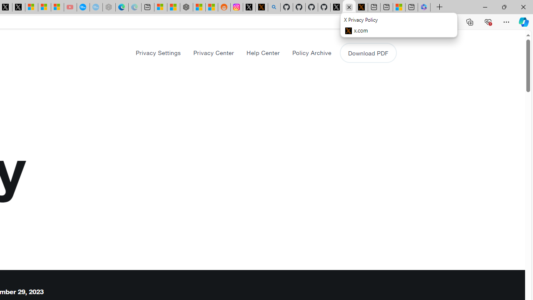 The image size is (533, 300). Describe the element at coordinates (262, 52) in the screenshot. I see `'Help Center'` at that location.